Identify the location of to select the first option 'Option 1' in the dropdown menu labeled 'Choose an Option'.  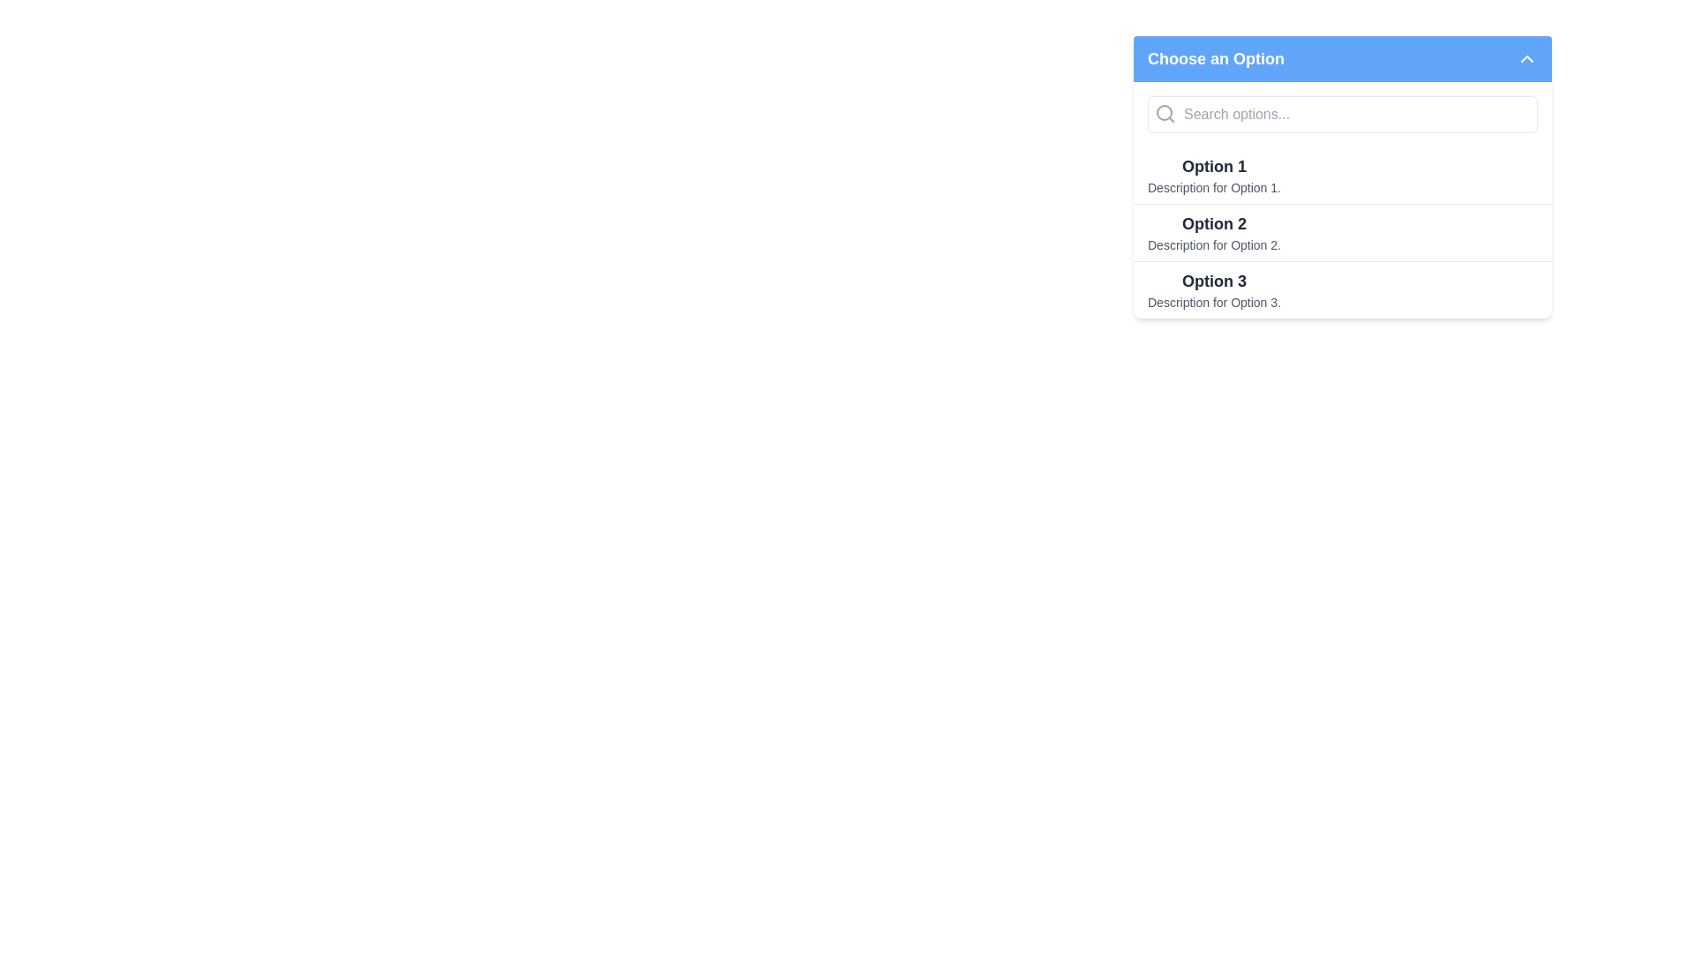
(1341, 176).